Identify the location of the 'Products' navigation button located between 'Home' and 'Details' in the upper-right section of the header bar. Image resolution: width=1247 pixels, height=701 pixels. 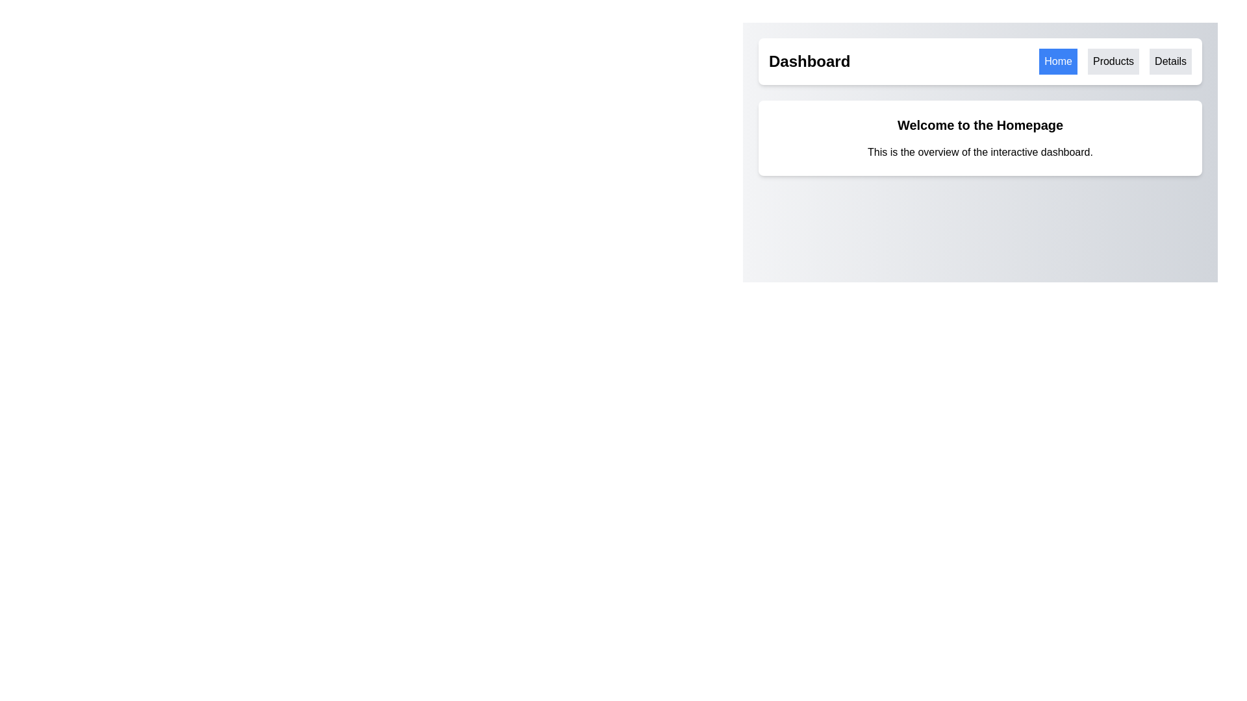
(1115, 62).